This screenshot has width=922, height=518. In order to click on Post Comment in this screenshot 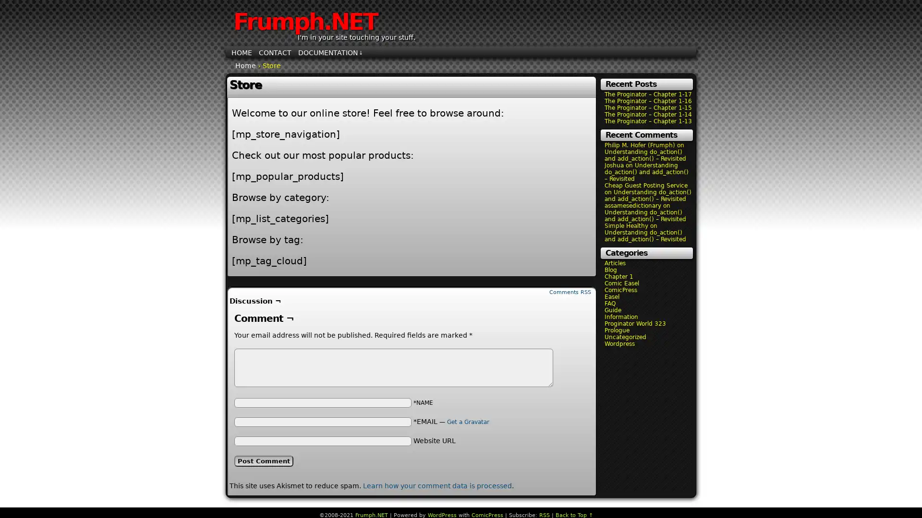, I will do `click(264, 460)`.